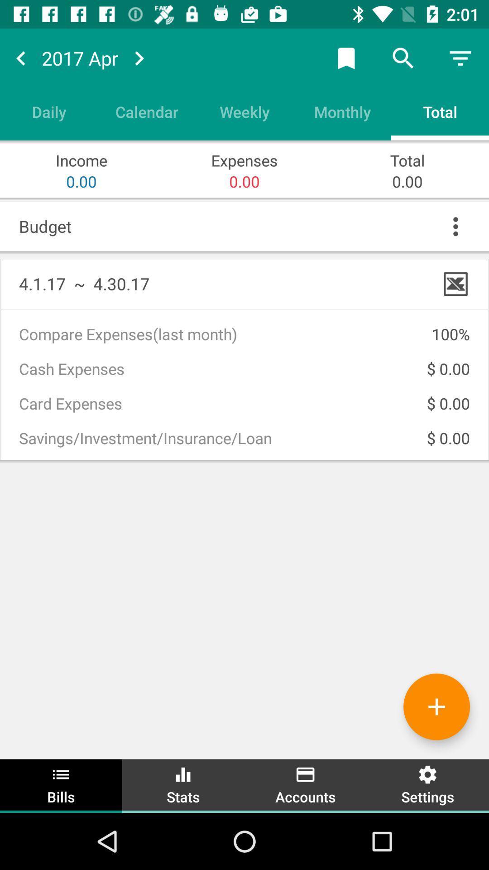 This screenshot has width=489, height=870. Describe the element at coordinates (146, 111) in the screenshot. I see `item next to weekly item` at that location.